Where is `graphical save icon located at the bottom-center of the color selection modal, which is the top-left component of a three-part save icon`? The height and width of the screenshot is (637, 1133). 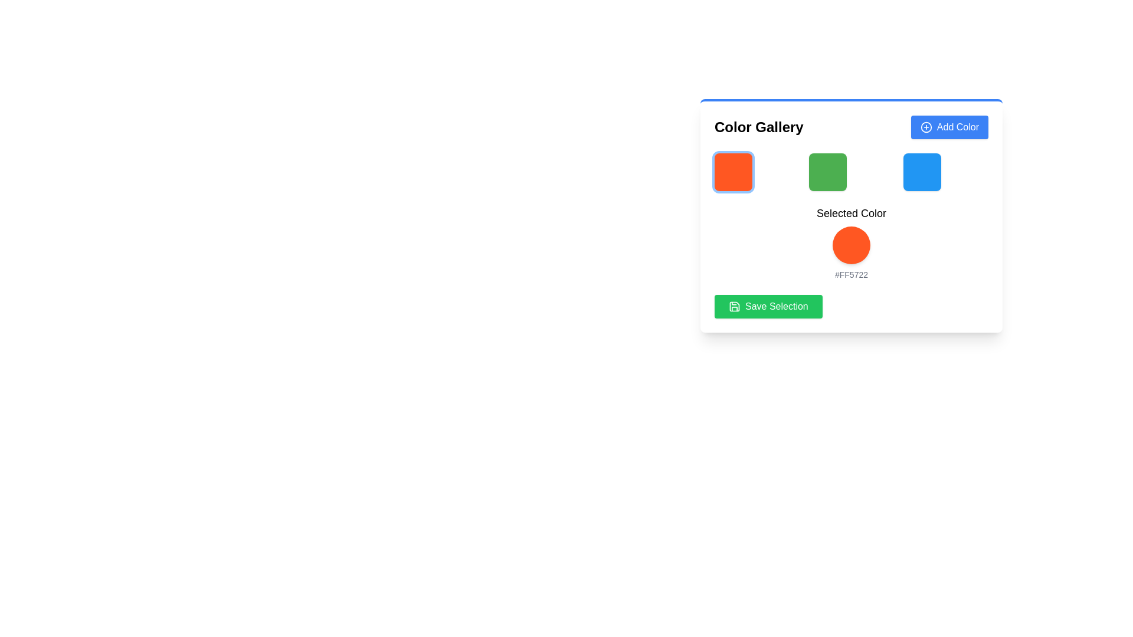
graphical save icon located at the bottom-center of the color selection modal, which is the top-left component of a three-part save icon is located at coordinates (733, 306).